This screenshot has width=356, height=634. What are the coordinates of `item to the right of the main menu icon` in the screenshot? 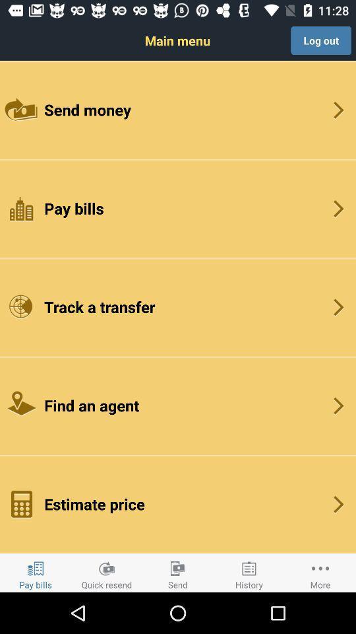 It's located at (320, 40).